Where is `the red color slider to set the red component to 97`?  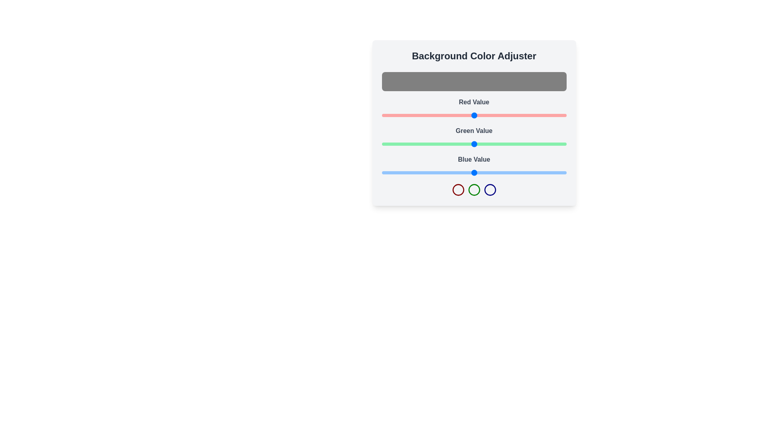 the red color slider to set the red component to 97 is located at coordinates (452, 115).